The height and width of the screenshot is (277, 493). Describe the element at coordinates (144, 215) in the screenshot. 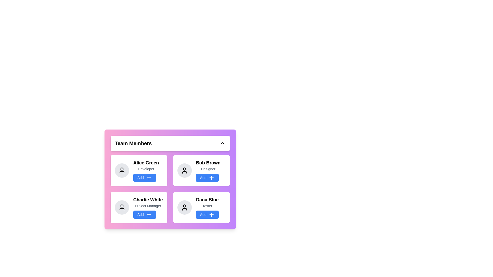

I see `the button located within the profile card of 'Charlie White'` at that location.